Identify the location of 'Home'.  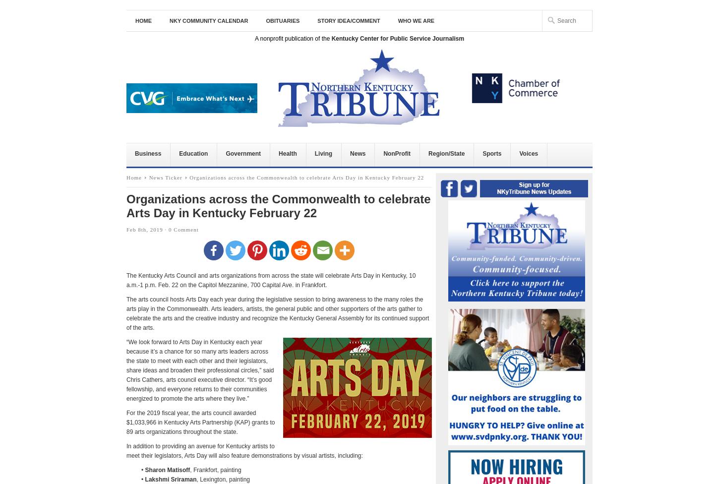
(126, 177).